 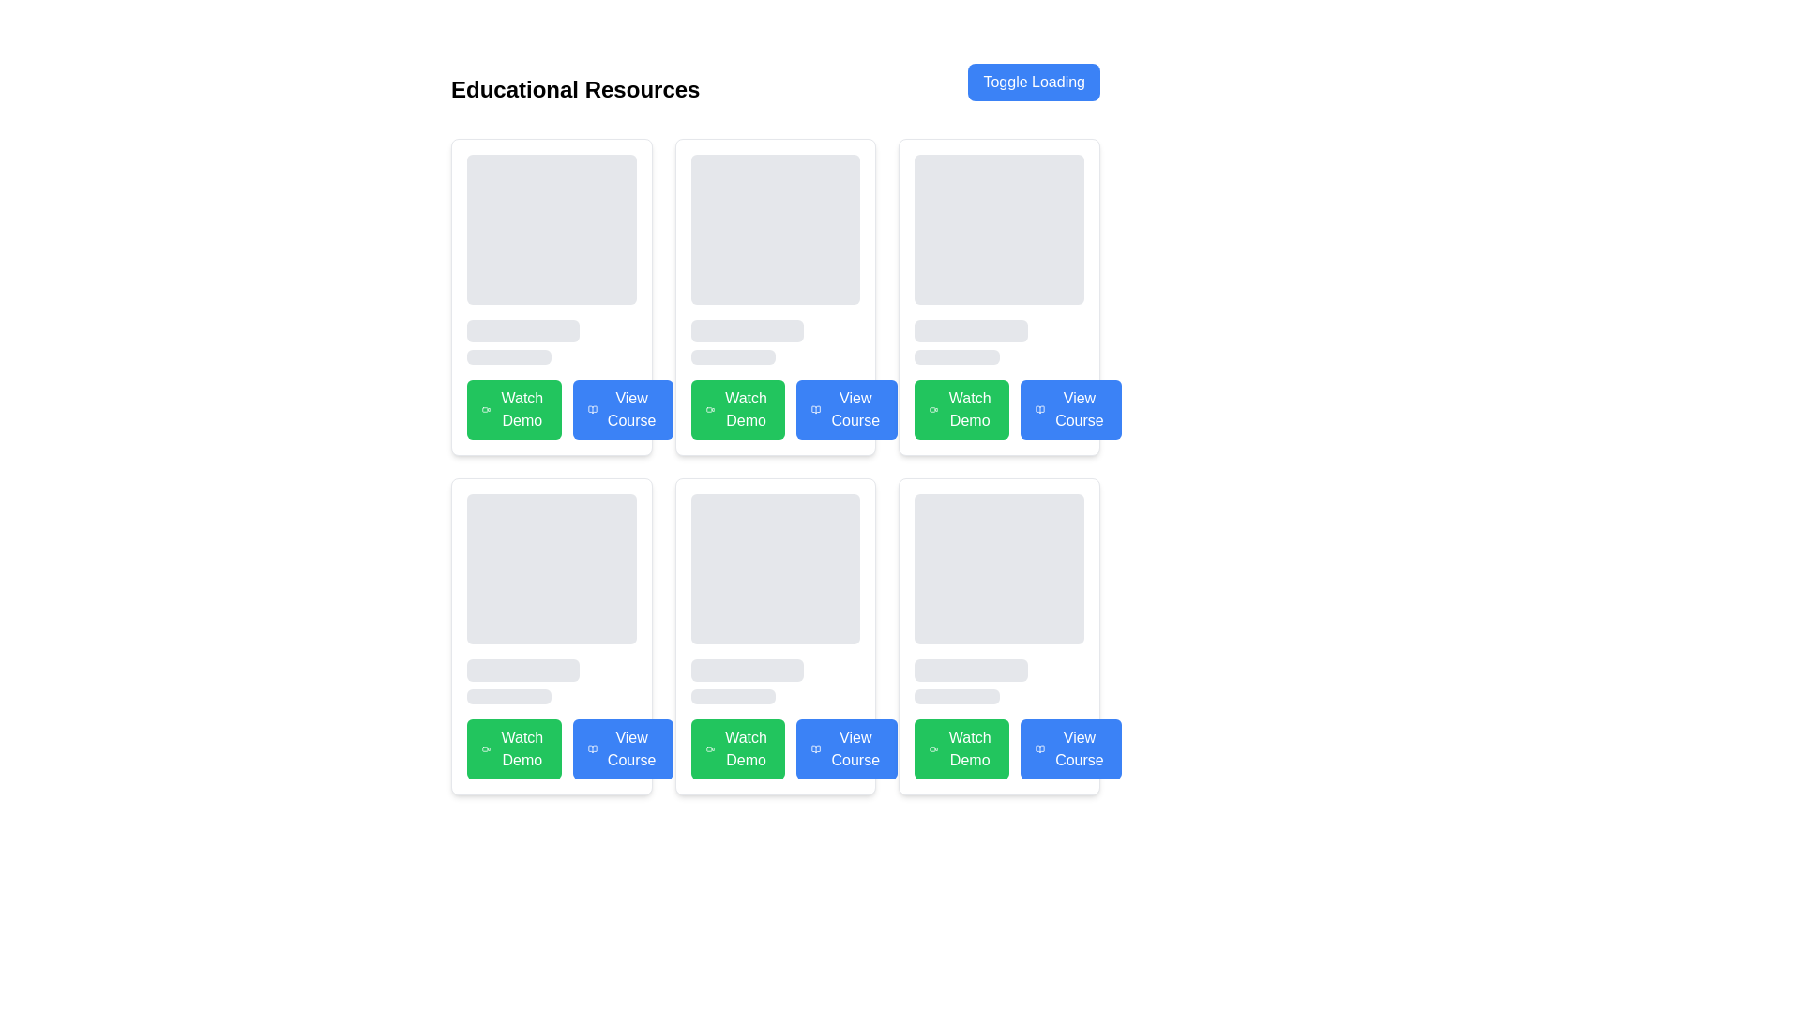 What do you see at coordinates (775, 599) in the screenshot?
I see `the rectangular placeholder with a light gray background and rounded corners located in the second row and second column of a grid, which serves as a visual placeholder for an image` at bounding box center [775, 599].